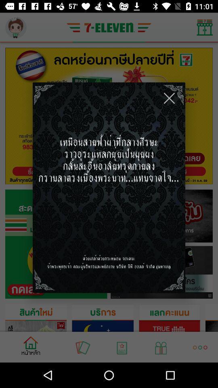 Image resolution: width=218 pixels, height=388 pixels. What do you see at coordinates (169, 98) in the screenshot?
I see `icon at the top right corner` at bounding box center [169, 98].